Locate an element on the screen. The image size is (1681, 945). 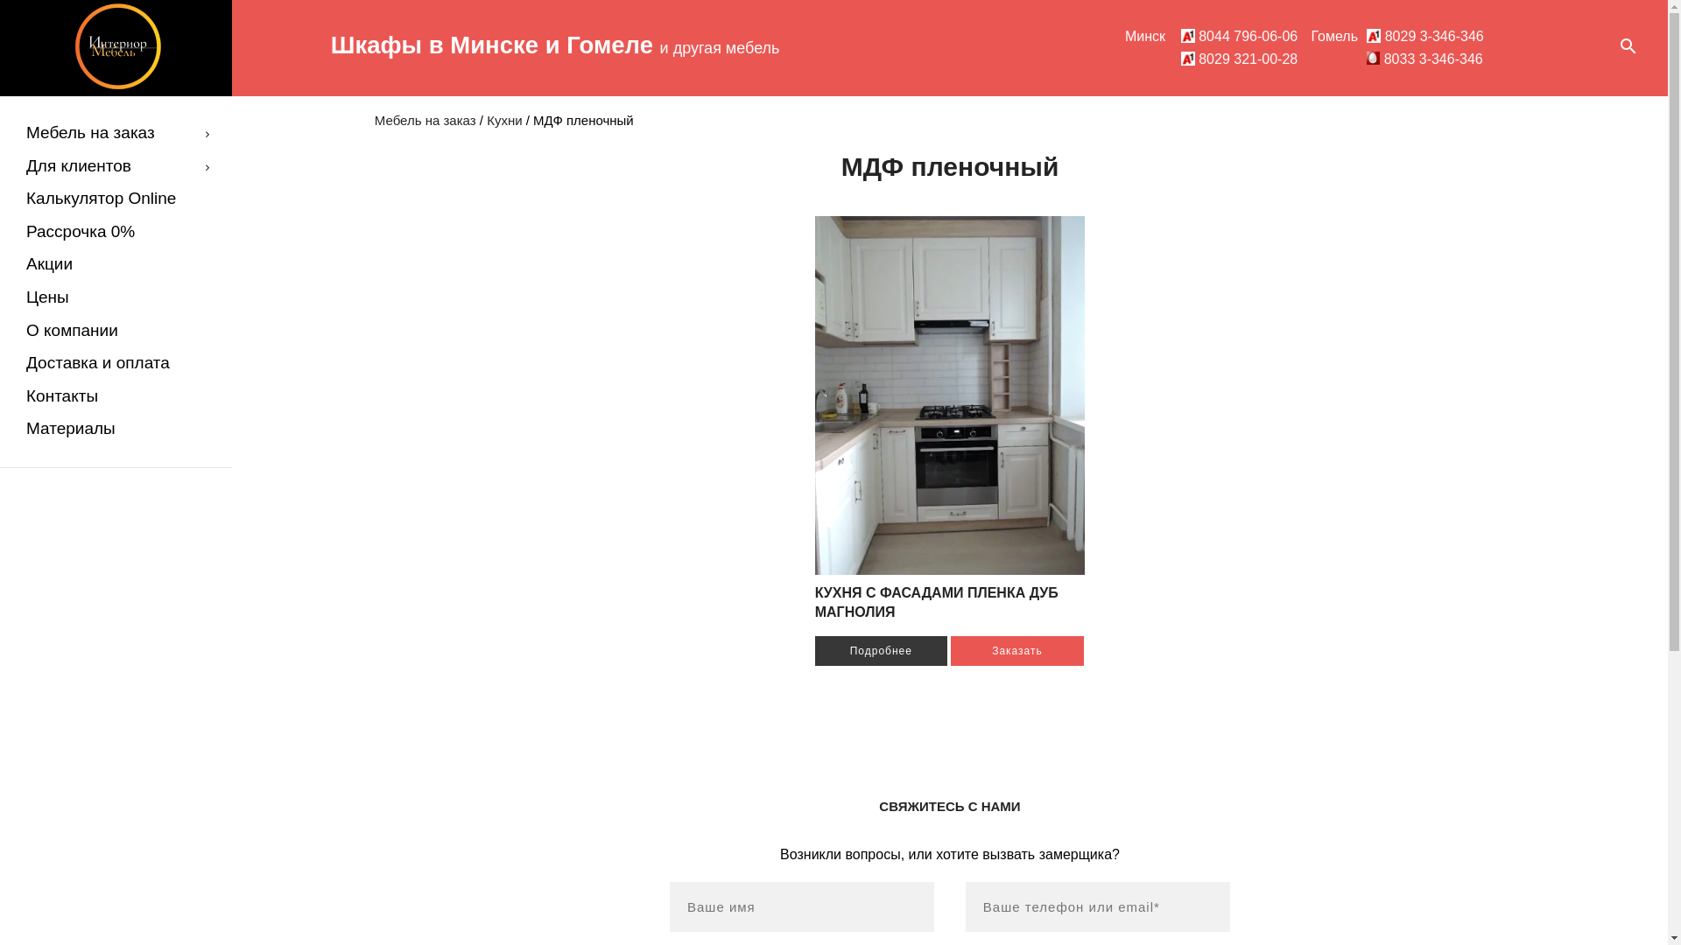
'8033 3-346-346' is located at coordinates (1424, 58).